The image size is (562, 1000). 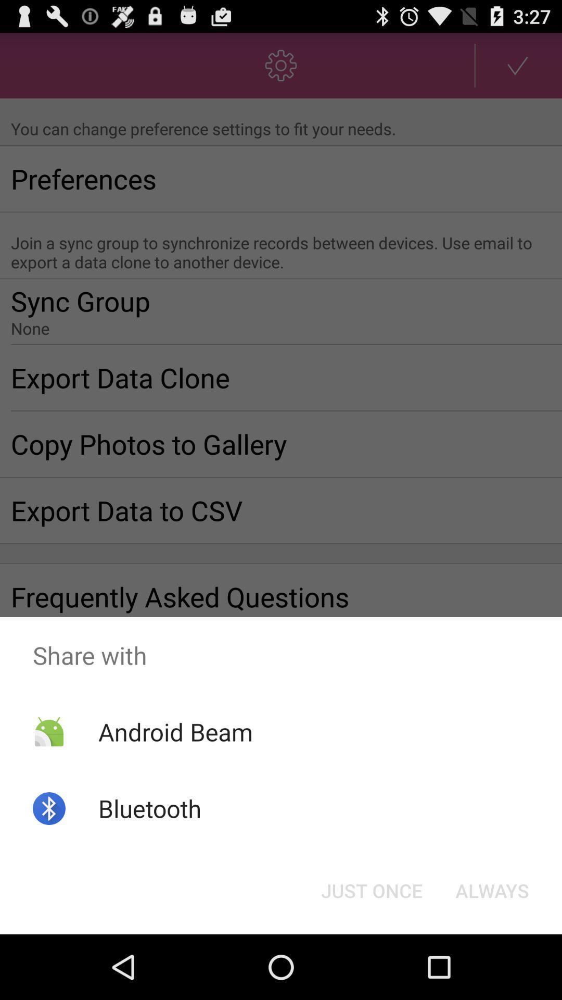 What do you see at coordinates (492, 890) in the screenshot?
I see `button to the right of just once item` at bounding box center [492, 890].